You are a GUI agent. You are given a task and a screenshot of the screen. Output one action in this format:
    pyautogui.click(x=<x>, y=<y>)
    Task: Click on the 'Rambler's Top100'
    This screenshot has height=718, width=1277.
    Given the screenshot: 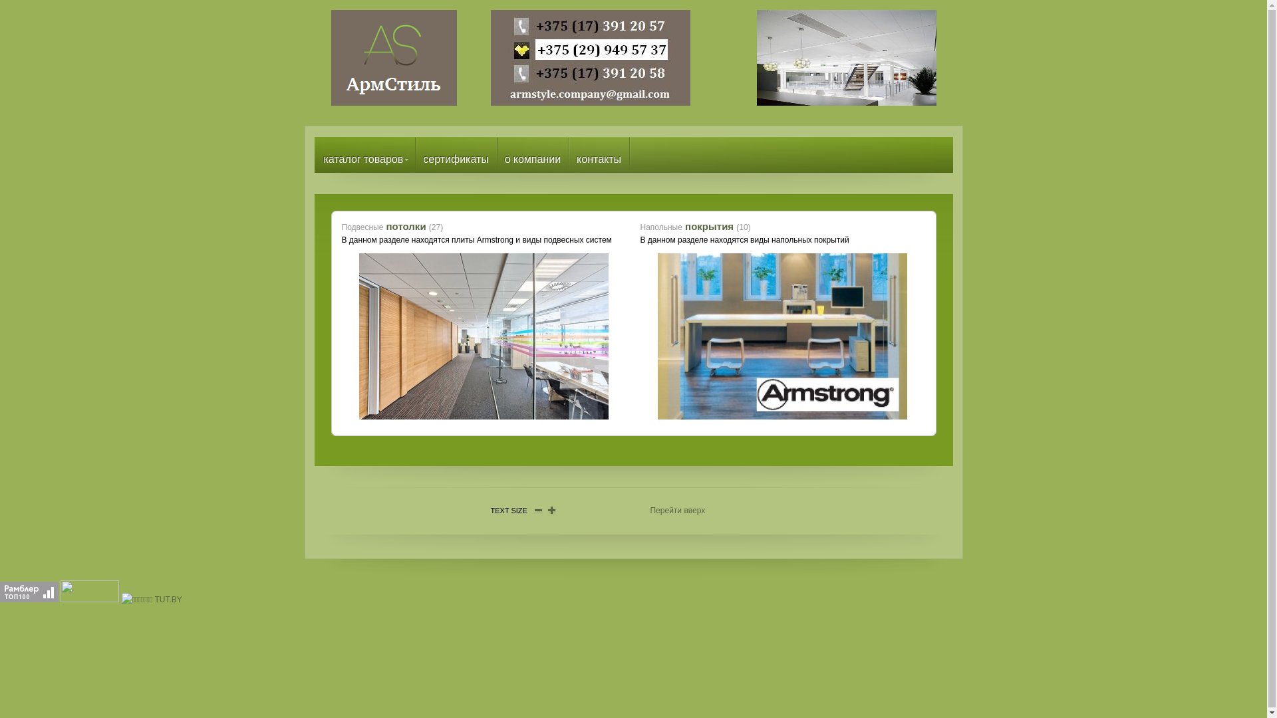 What is the action you would take?
    pyautogui.click(x=29, y=591)
    